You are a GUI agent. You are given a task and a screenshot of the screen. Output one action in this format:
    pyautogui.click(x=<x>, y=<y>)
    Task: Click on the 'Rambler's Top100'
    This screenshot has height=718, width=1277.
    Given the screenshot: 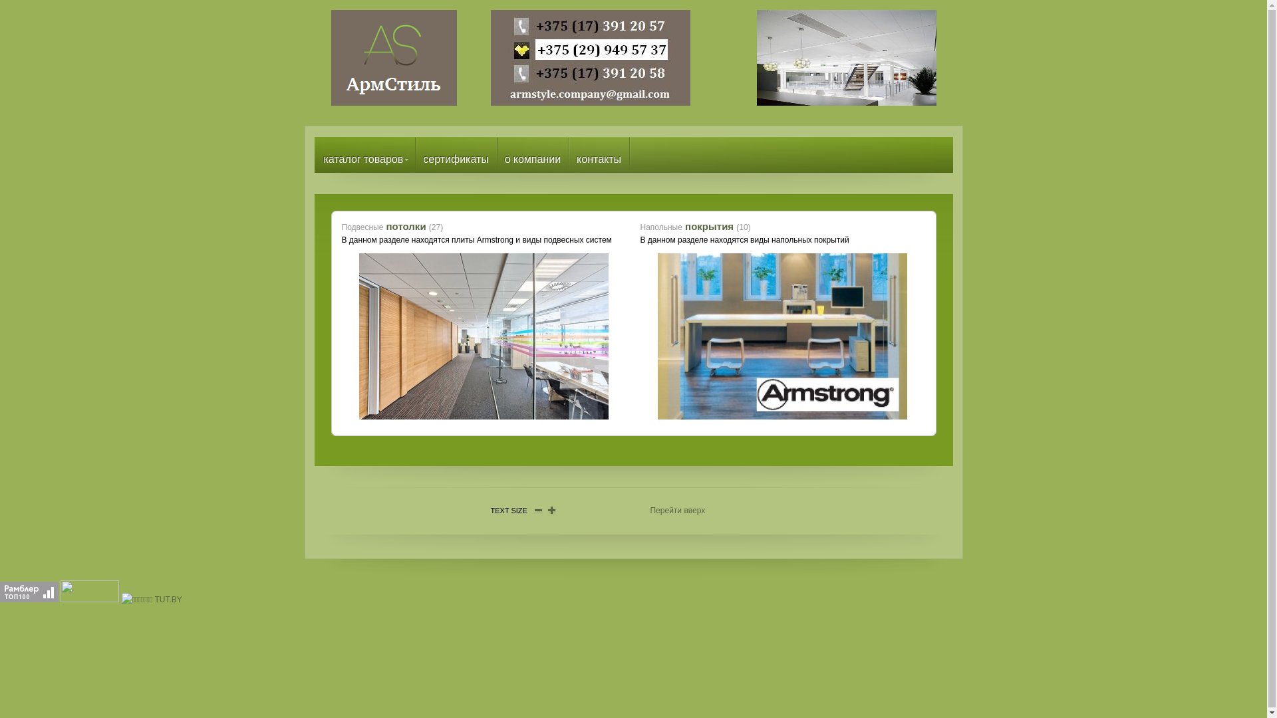 What is the action you would take?
    pyautogui.click(x=29, y=591)
    